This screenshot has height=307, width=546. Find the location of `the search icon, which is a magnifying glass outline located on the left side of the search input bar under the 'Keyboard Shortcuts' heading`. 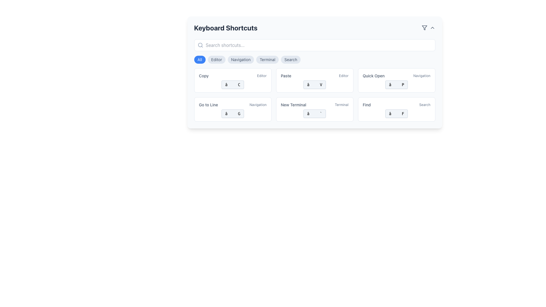

the search icon, which is a magnifying glass outline located on the left side of the search input bar under the 'Keyboard Shortcuts' heading is located at coordinates (200, 45).